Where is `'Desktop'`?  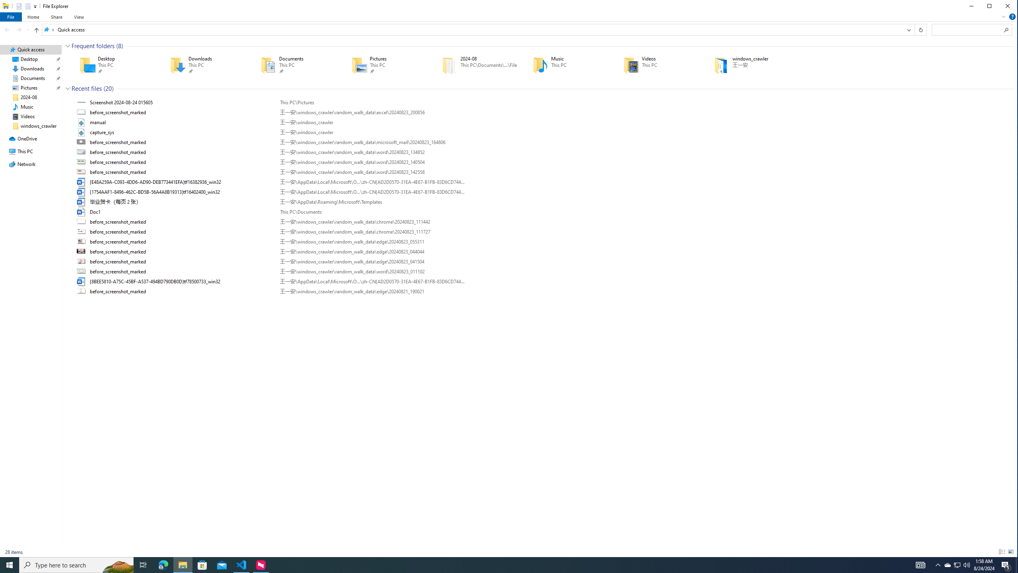 'Desktop' is located at coordinates (113, 65).